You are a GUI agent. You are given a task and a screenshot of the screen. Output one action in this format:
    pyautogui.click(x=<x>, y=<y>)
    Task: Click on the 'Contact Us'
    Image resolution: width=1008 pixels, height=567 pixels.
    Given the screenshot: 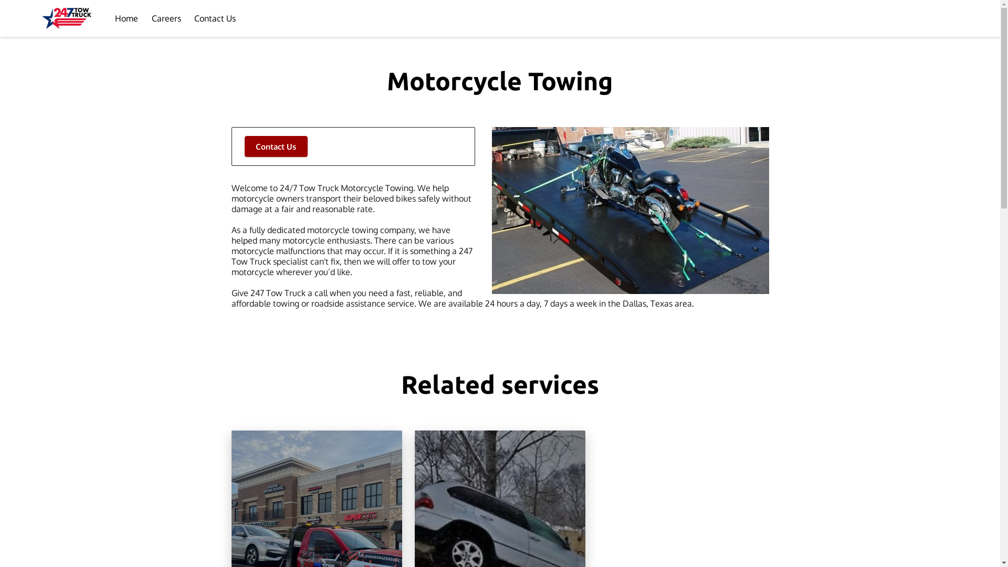 What is the action you would take?
    pyautogui.click(x=276, y=146)
    